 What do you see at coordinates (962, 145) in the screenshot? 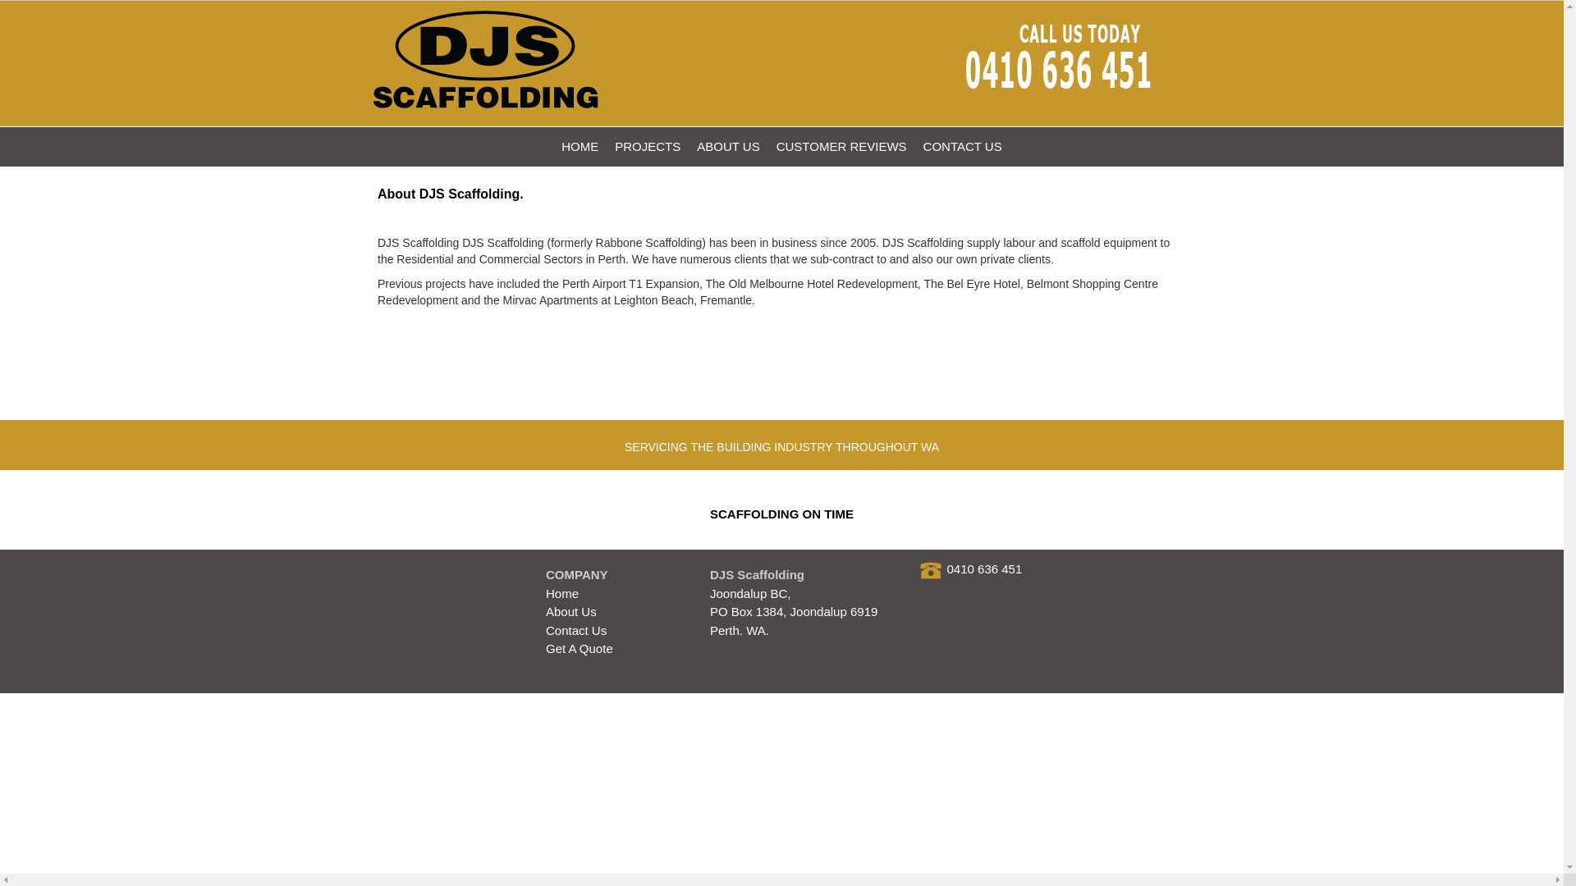
I see `'CONTACT US'` at bounding box center [962, 145].